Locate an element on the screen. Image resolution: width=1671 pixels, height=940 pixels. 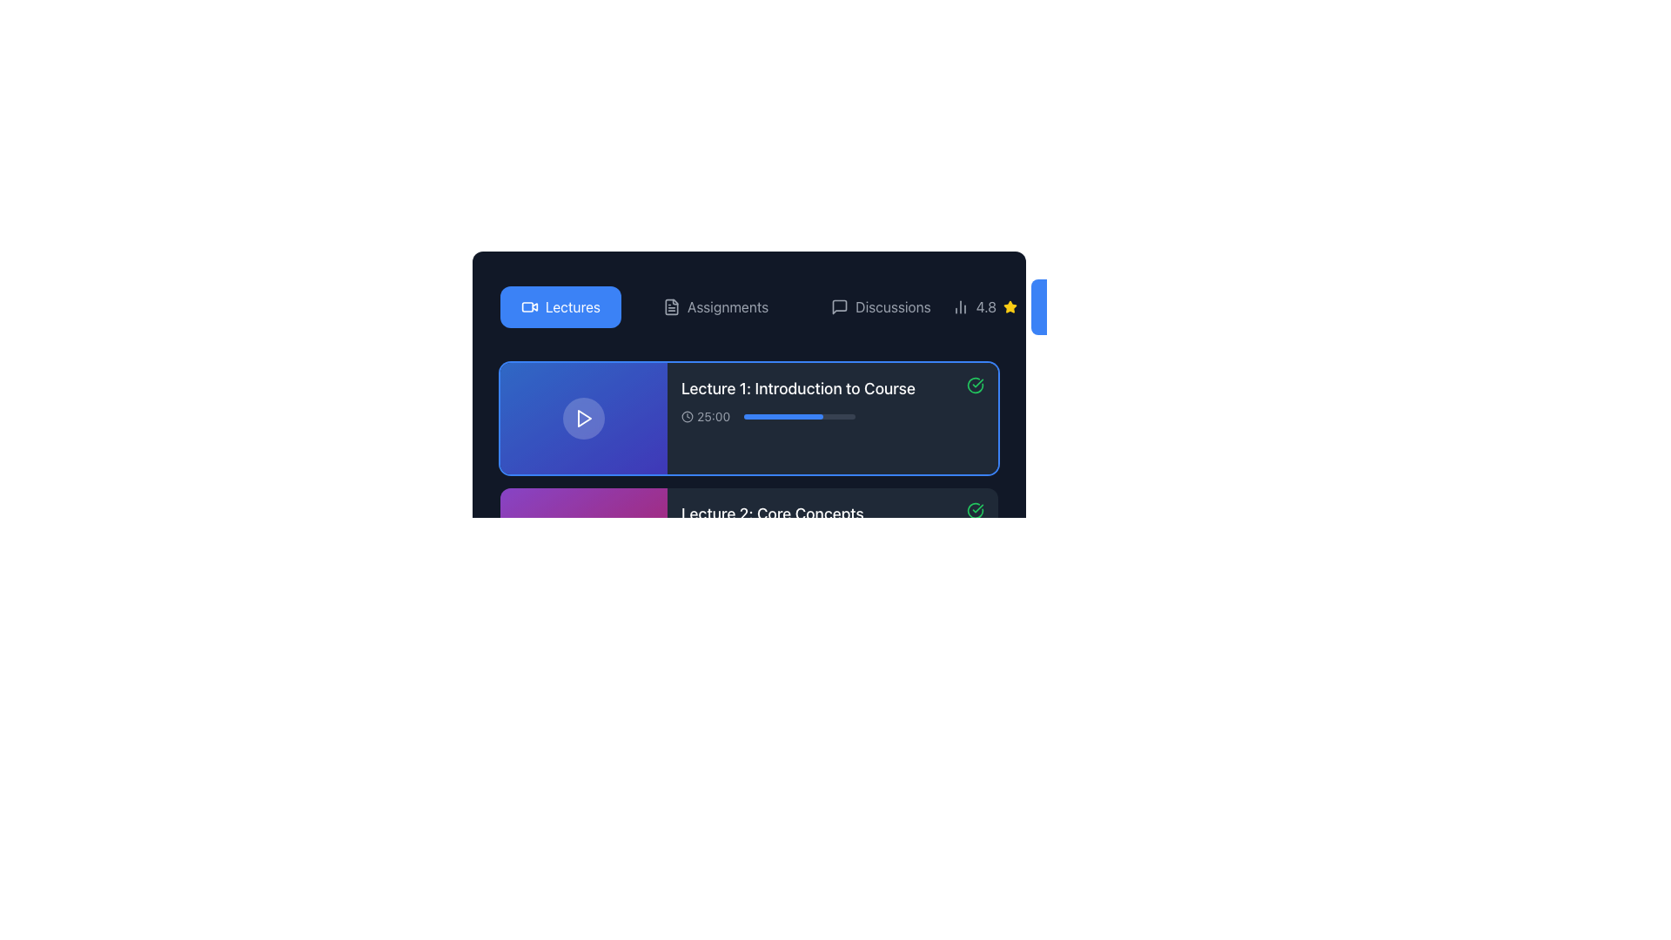
the progress indicator part of the progress bar, which visually represents a fraction of progress and is located towards the left side of the gray bar is located at coordinates (752, 667).